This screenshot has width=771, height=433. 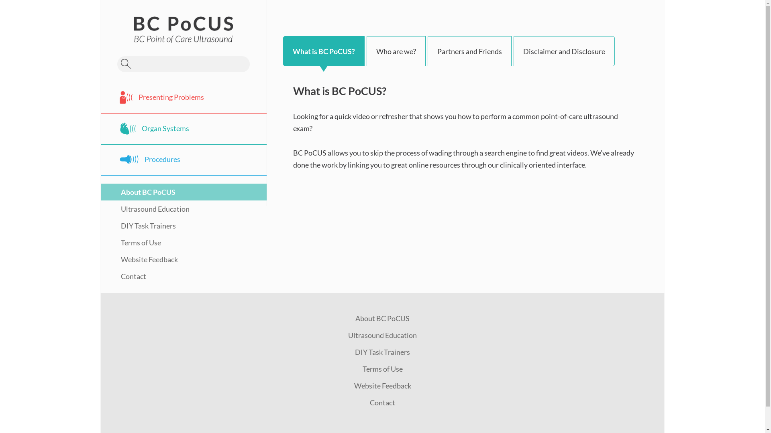 I want to click on 'About BC PoCUS', so click(x=382, y=318).